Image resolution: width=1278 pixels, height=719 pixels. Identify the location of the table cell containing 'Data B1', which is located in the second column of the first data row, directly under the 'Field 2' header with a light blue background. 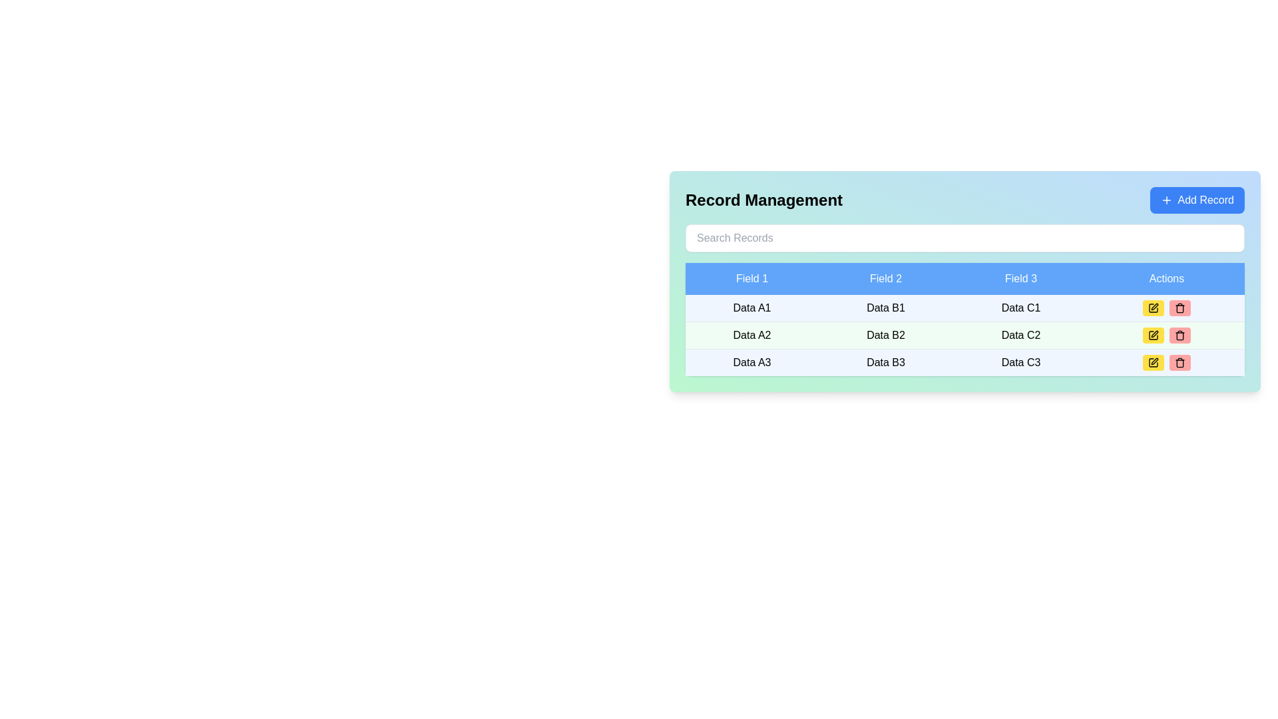
(885, 308).